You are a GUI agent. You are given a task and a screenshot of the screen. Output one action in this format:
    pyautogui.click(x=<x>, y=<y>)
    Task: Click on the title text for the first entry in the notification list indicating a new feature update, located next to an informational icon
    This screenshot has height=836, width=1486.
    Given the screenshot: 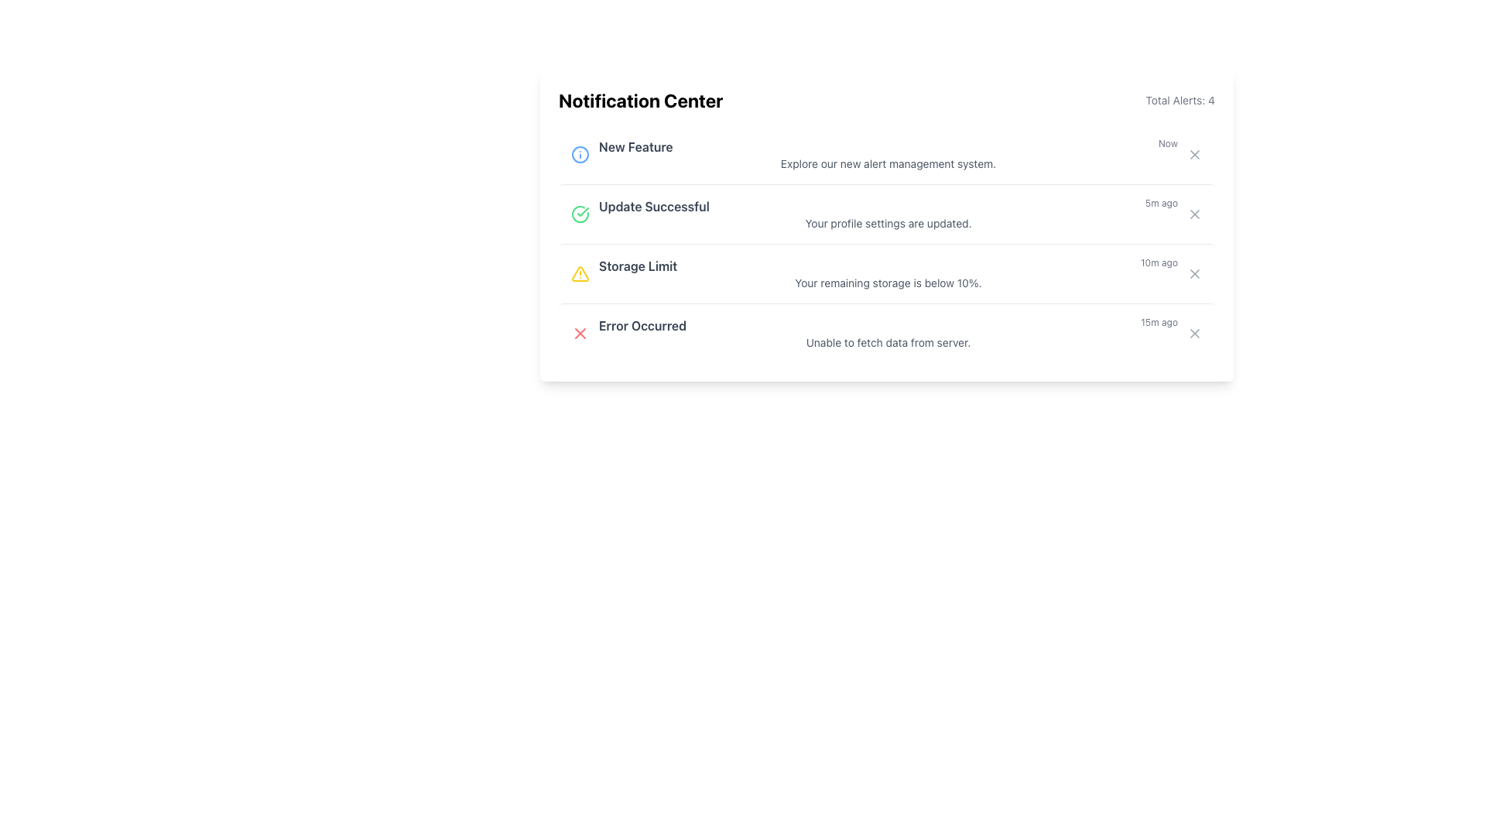 What is the action you would take?
    pyautogui.click(x=635, y=146)
    